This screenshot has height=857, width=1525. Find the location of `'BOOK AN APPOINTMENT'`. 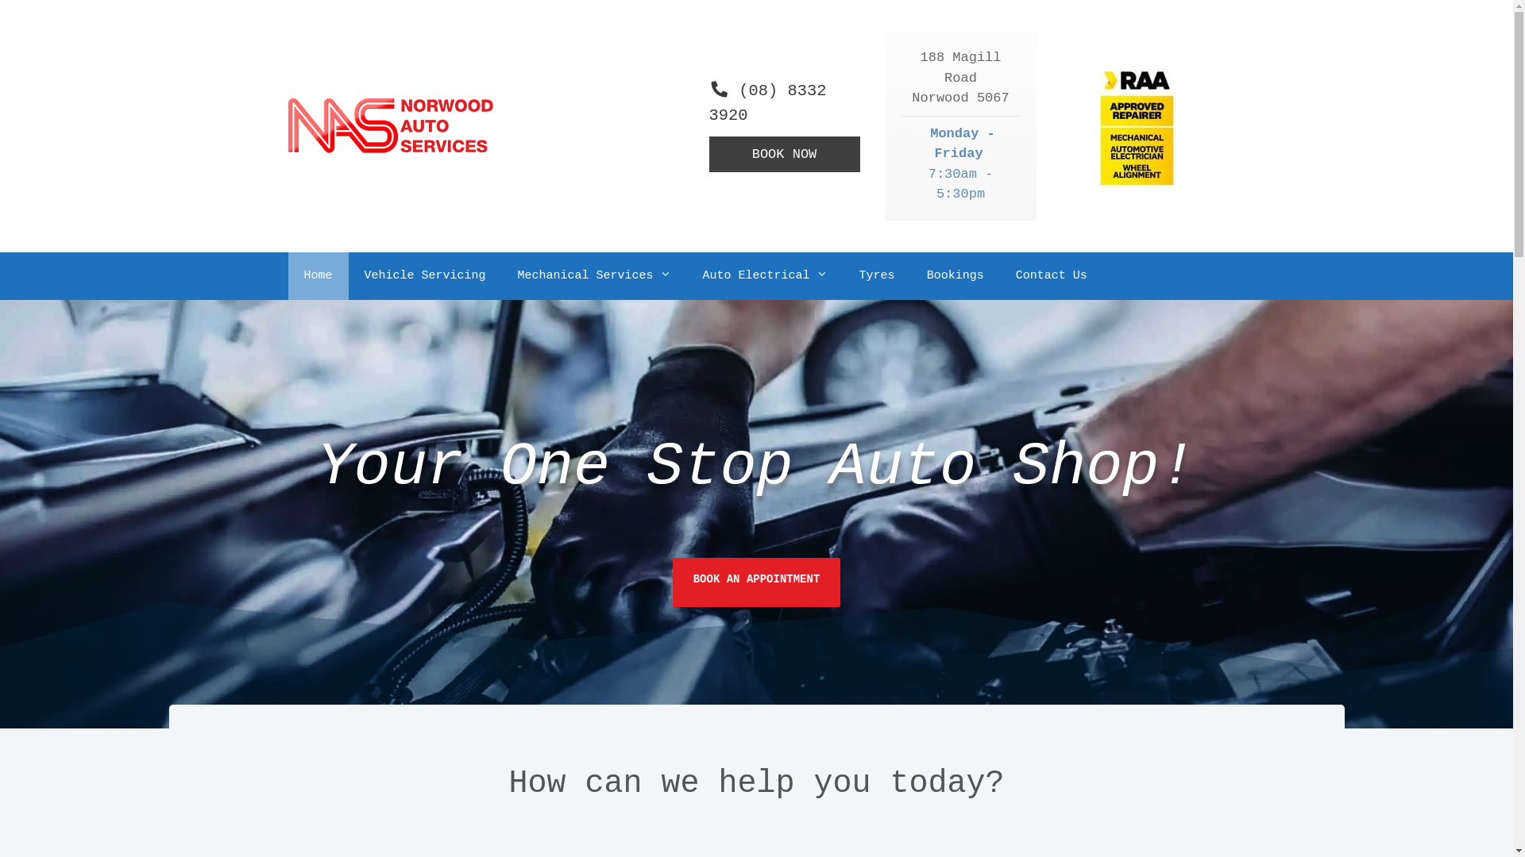

'BOOK AN APPOINTMENT' is located at coordinates (756, 582).